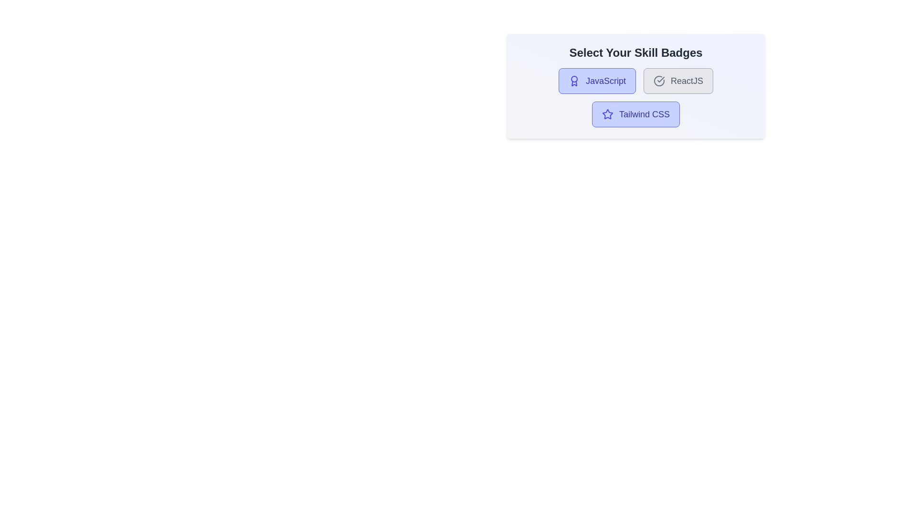 Image resolution: width=916 pixels, height=515 pixels. Describe the element at coordinates (597, 80) in the screenshot. I see `the skill badge JavaScript` at that location.